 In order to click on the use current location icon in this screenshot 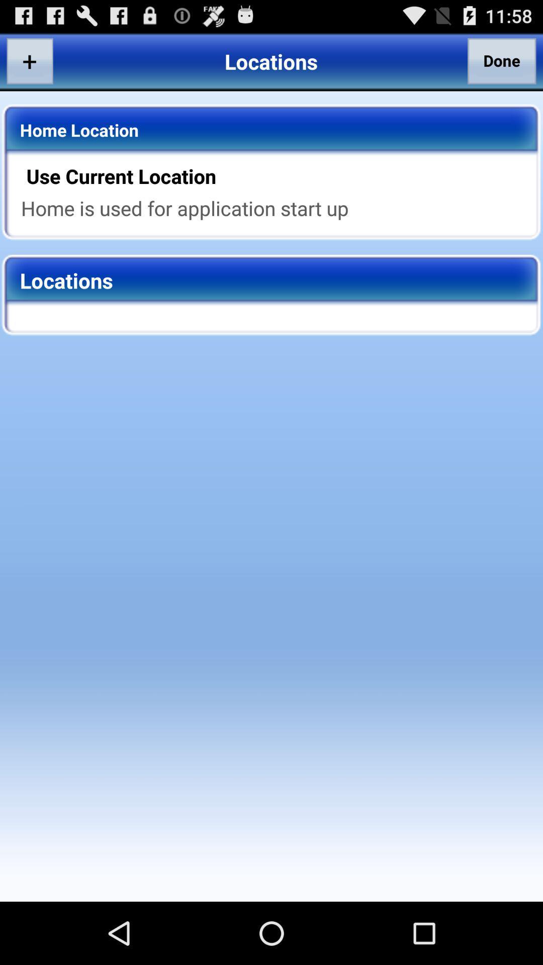, I will do `click(278, 176)`.